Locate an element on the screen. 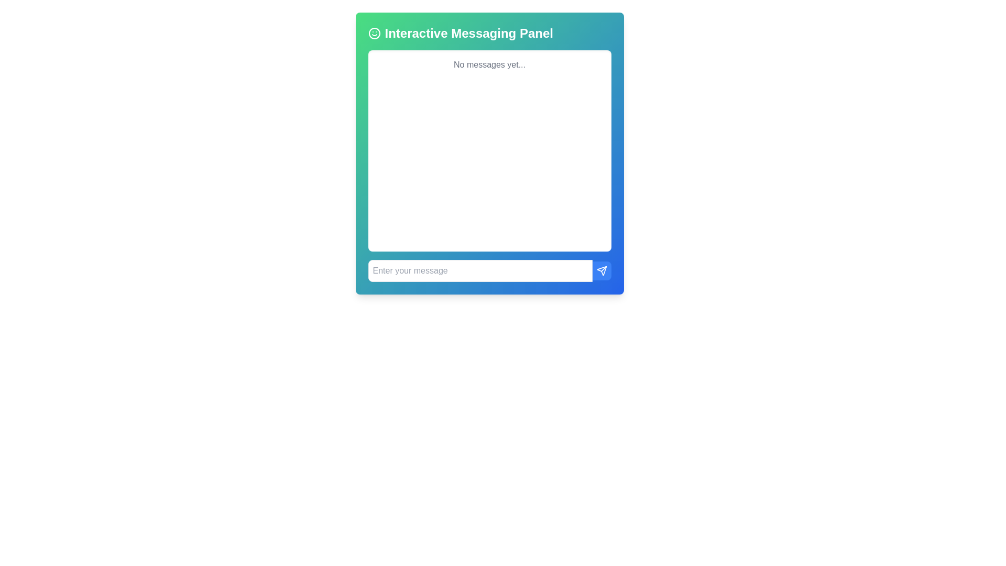 The width and height of the screenshot is (1006, 566). the input field of the messaging panel located at the bottom section, adjacent to the send button, to begin typing a message is located at coordinates (489, 270).